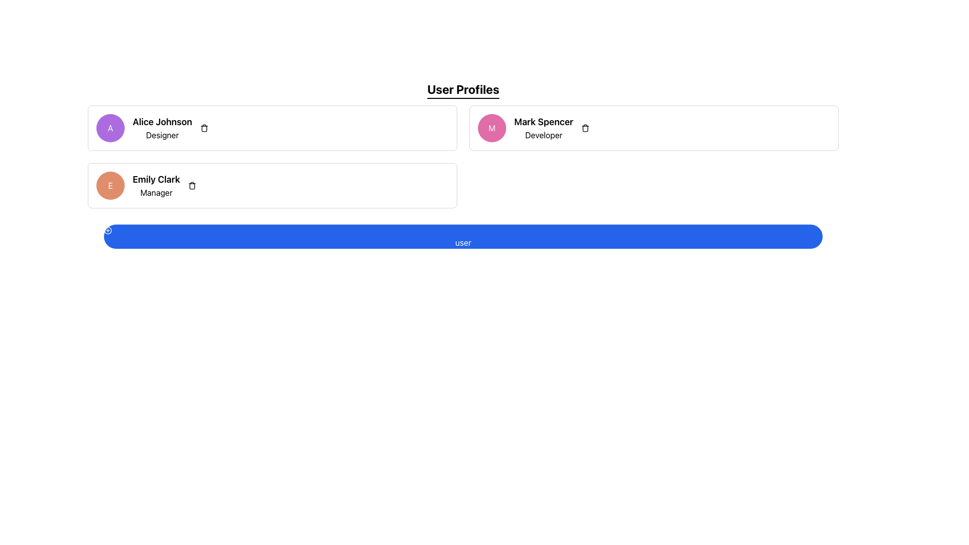  I want to click on the Text Block displaying the user's name and designation, located in the leftmost user profile section, adjacent to a purple circular icon with the letter 'A', so click(162, 128).